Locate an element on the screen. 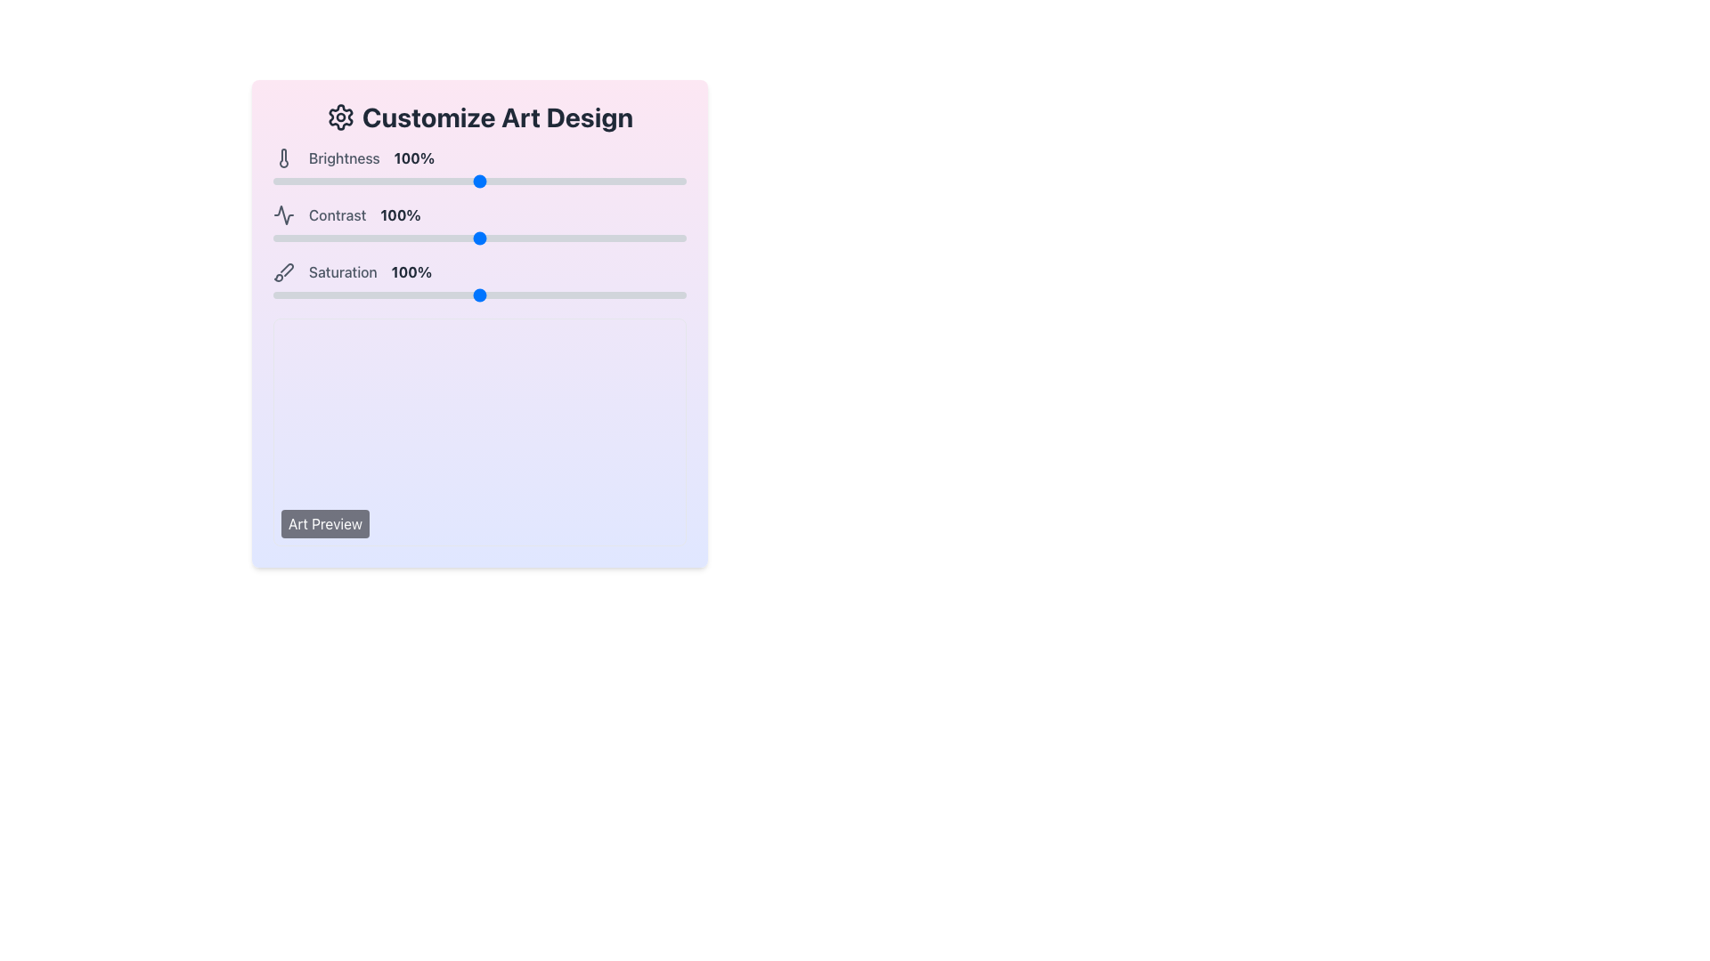  the brightness slider, which is the first of three vertically stacked sliders located directly below the 'Brightness 100%' label and a thermometer icon is located at coordinates (479, 182).